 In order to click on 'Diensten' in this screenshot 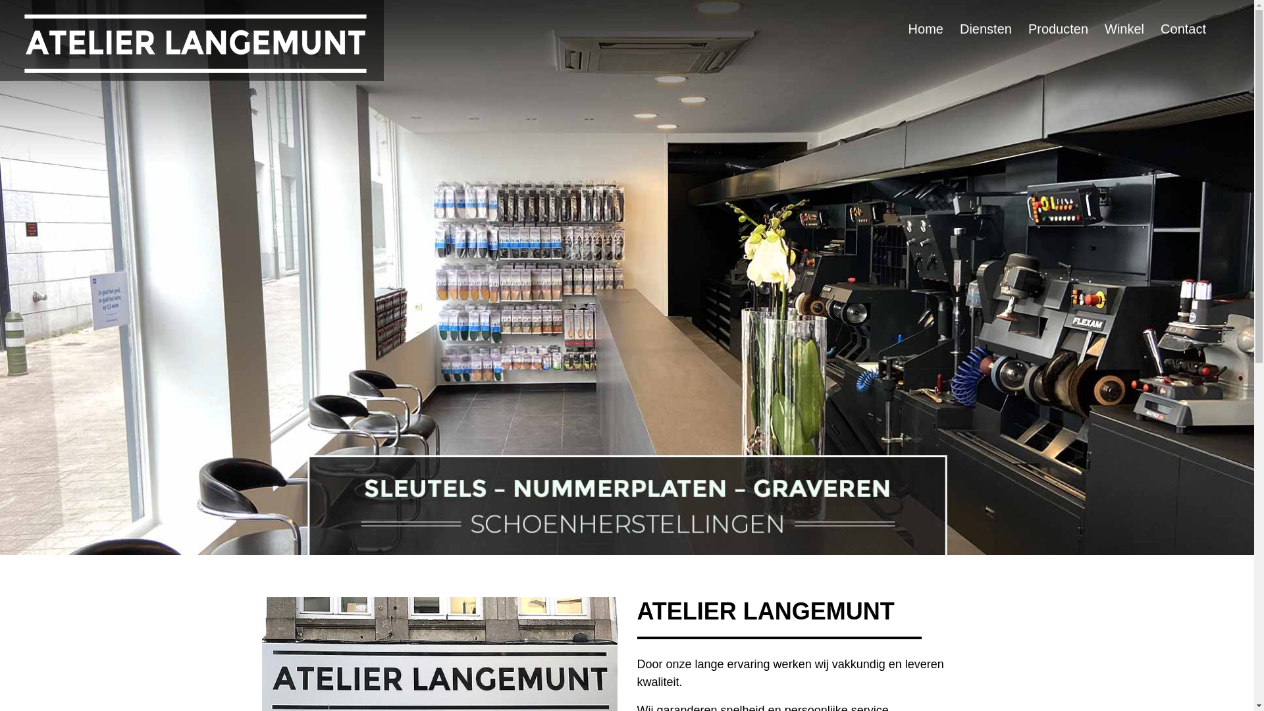, I will do `click(994, 28)`.